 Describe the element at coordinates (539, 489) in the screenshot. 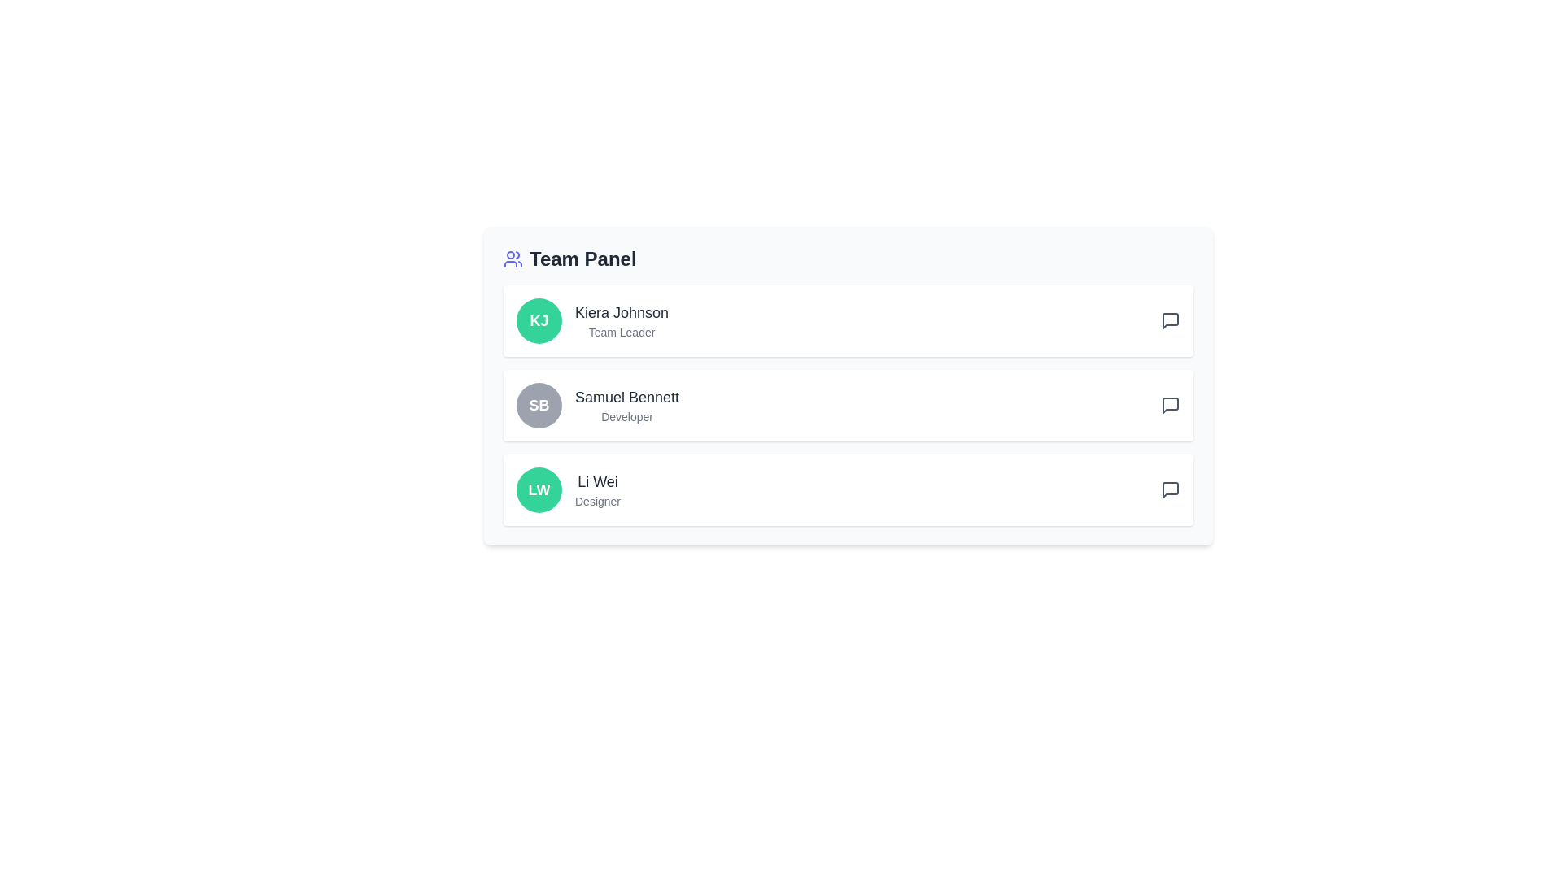

I see `the circular badge displaying the initials 'LW' with a green background, located in the profile card for 'Li Wei'` at that location.